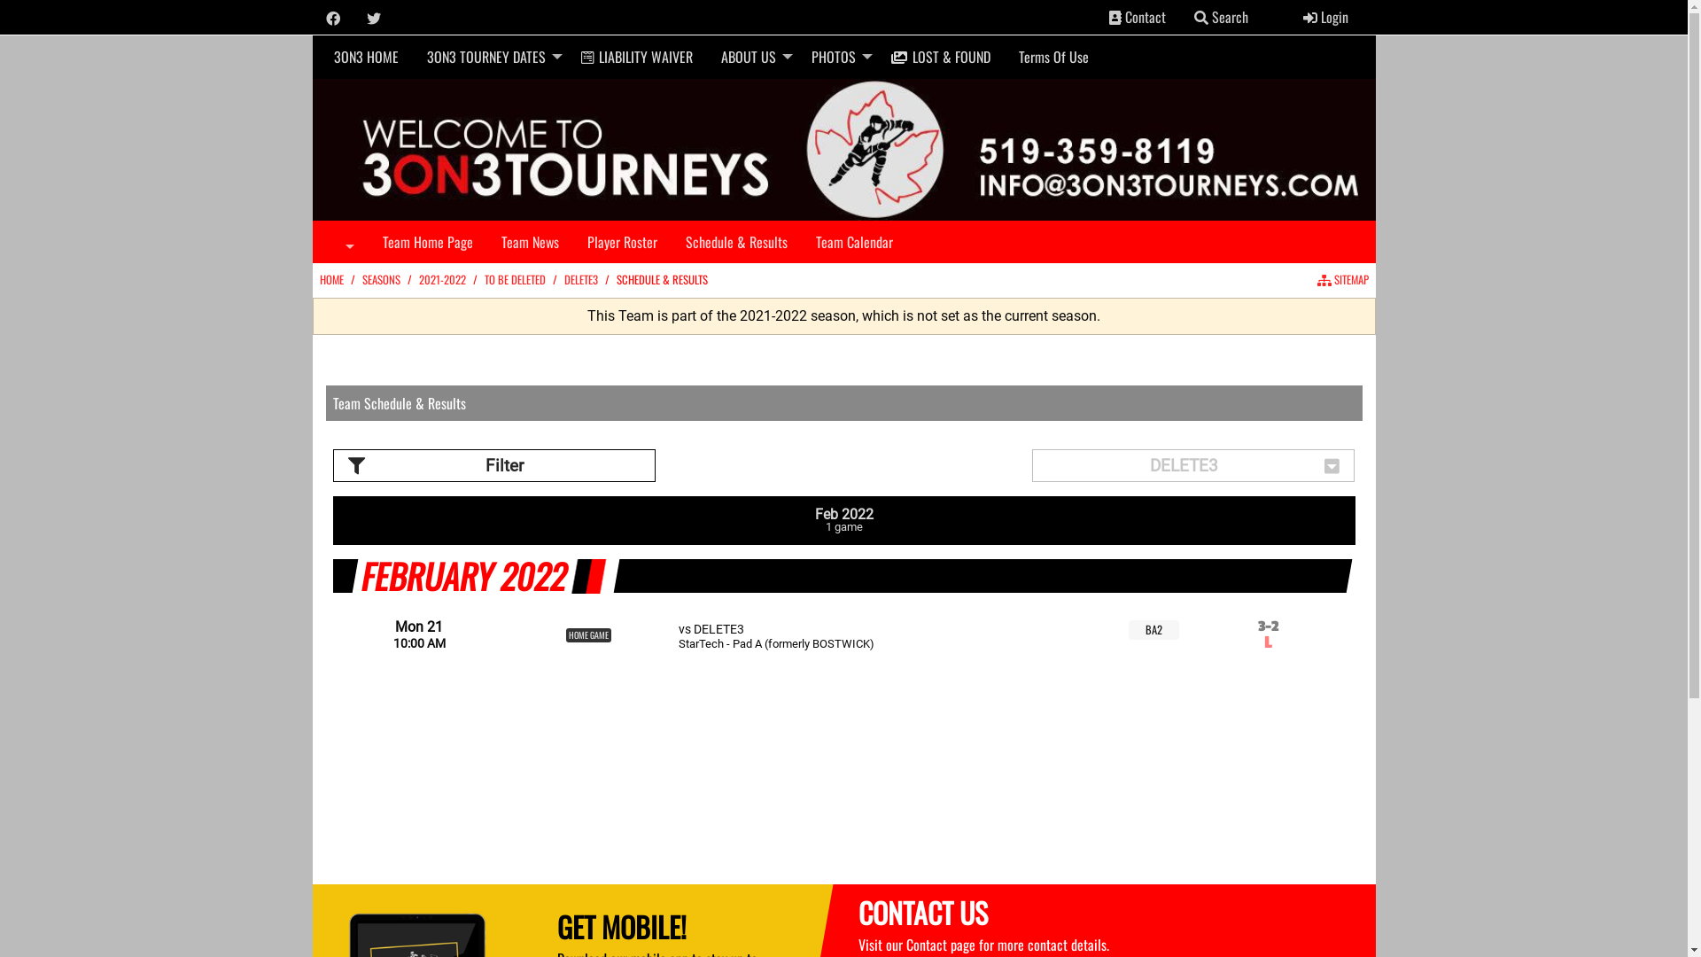  I want to click on 'Schedule & Results', so click(671, 241).